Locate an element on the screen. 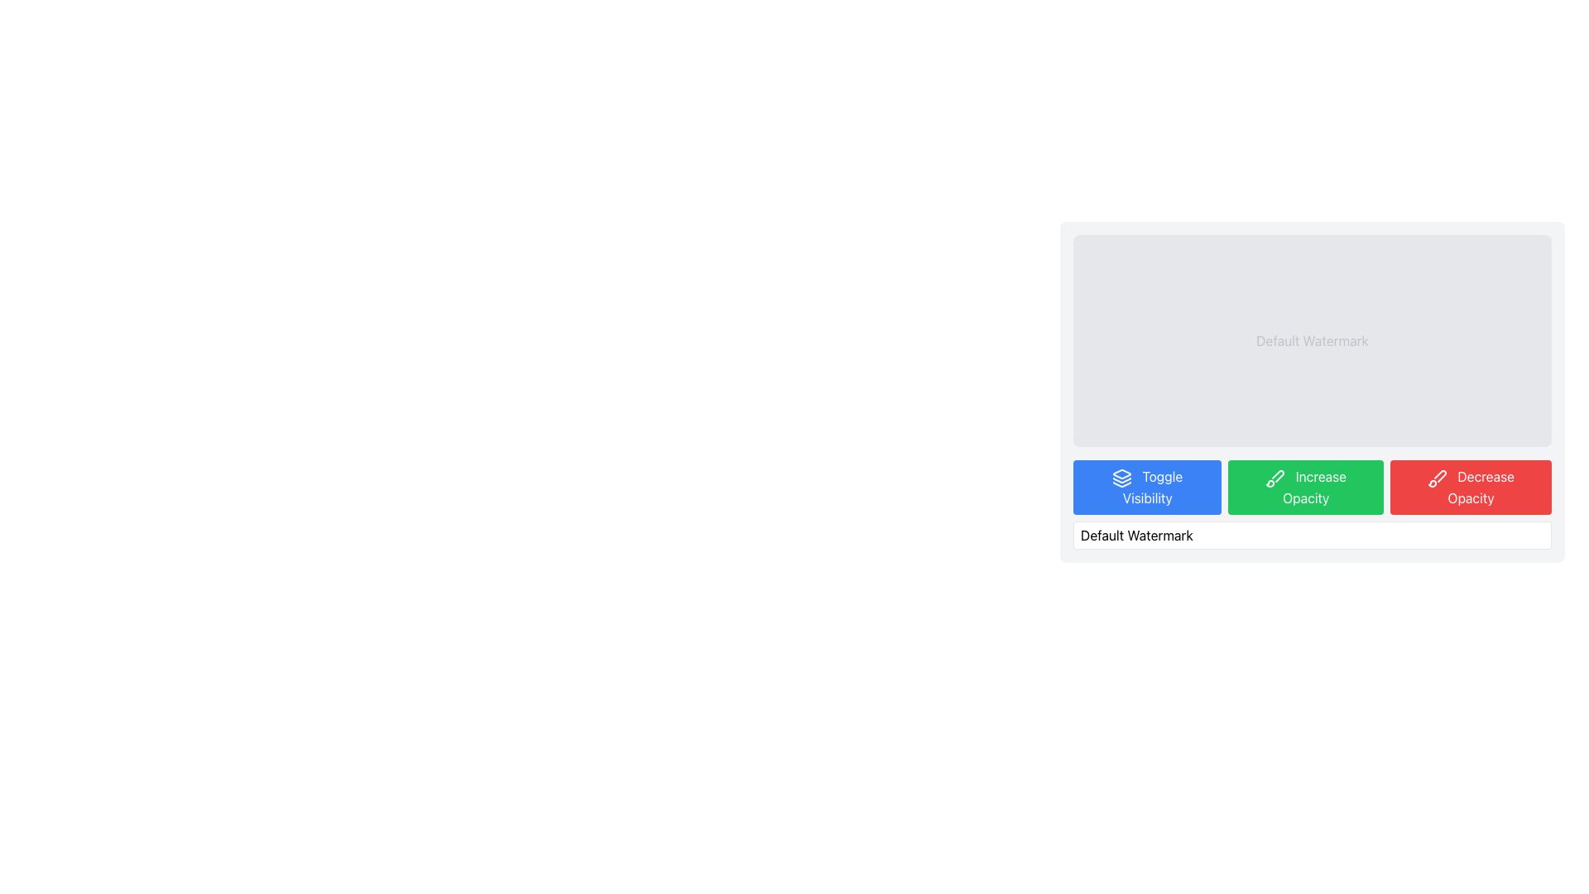  the opacity decrease icon within the 'Decrease Opacity' button located to the right of the 'Increase Opacity' button is located at coordinates (1437, 478).